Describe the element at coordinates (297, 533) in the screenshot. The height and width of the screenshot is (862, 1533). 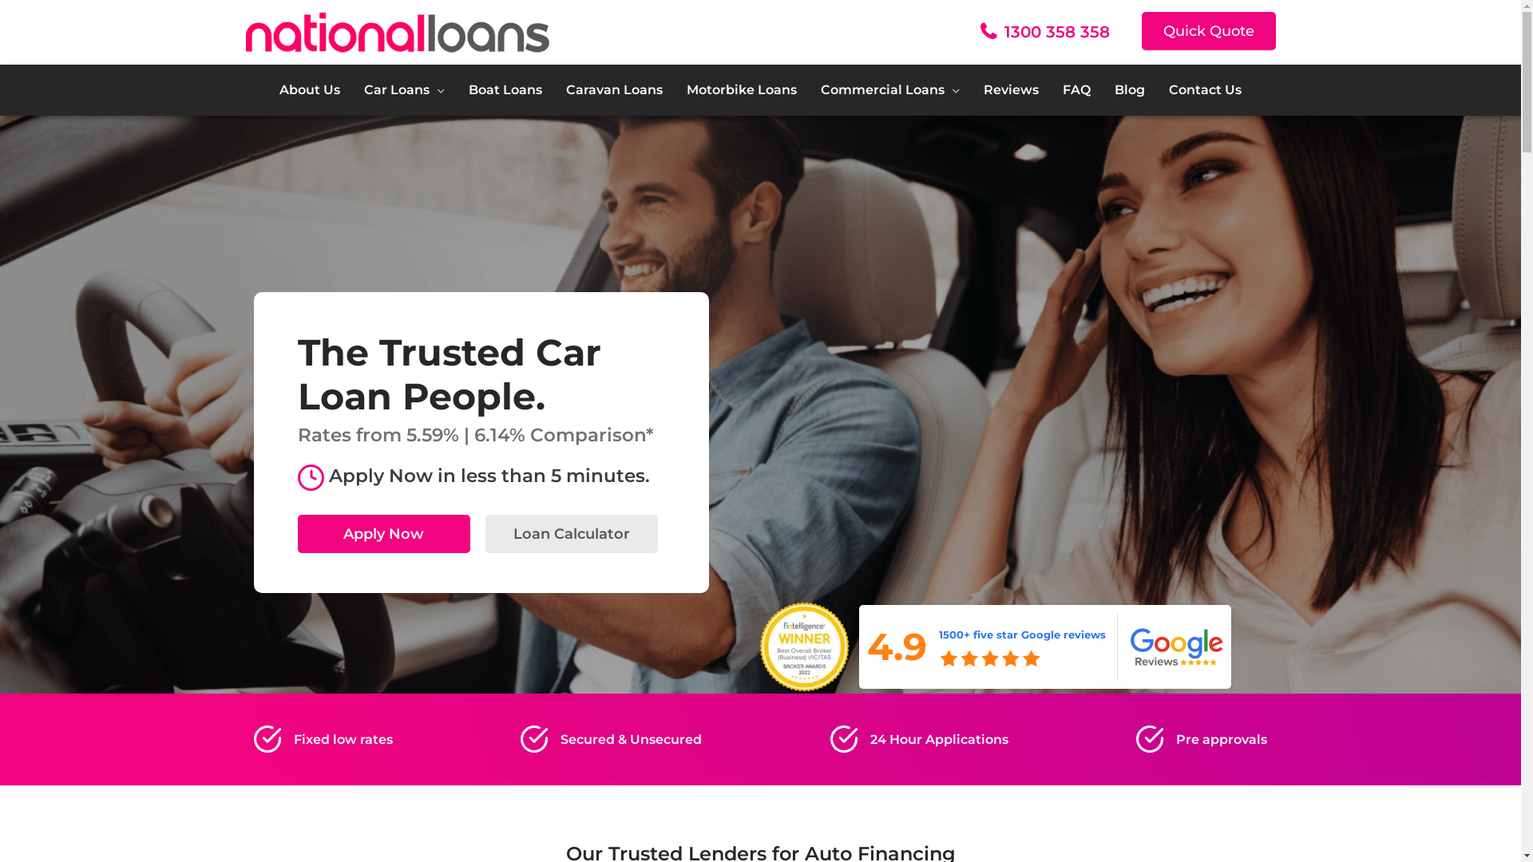
I see `'Apply Now'` at that location.